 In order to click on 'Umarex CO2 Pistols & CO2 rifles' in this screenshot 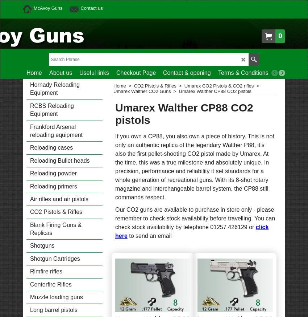, I will do `click(184, 85)`.